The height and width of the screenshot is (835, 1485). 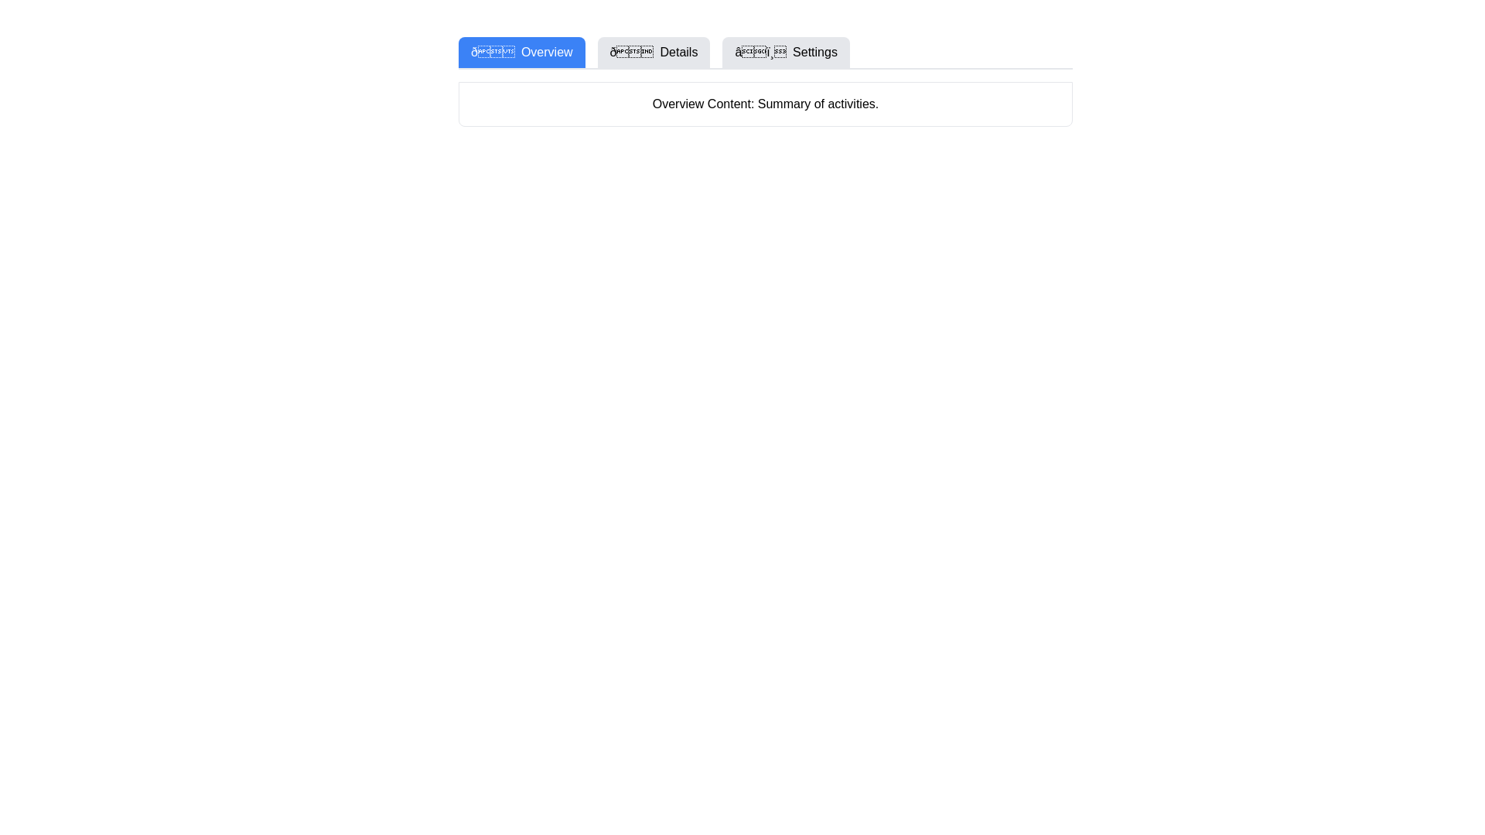 What do you see at coordinates (521, 52) in the screenshot?
I see `the first tab in the horizontal navigation bar labeled 'Overview' to trigger hover-specific styling` at bounding box center [521, 52].